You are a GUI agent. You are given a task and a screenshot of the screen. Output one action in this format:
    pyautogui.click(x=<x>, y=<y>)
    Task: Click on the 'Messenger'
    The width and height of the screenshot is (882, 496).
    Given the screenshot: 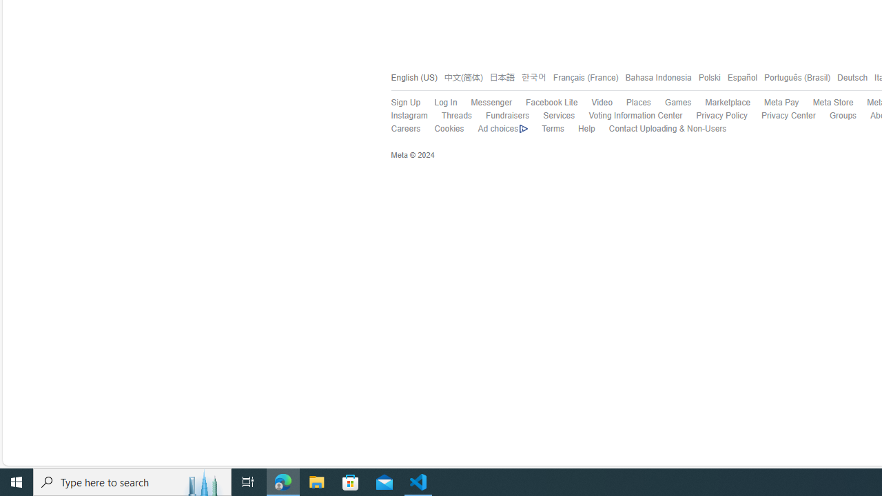 What is the action you would take?
    pyautogui.click(x=484, y=102)
    